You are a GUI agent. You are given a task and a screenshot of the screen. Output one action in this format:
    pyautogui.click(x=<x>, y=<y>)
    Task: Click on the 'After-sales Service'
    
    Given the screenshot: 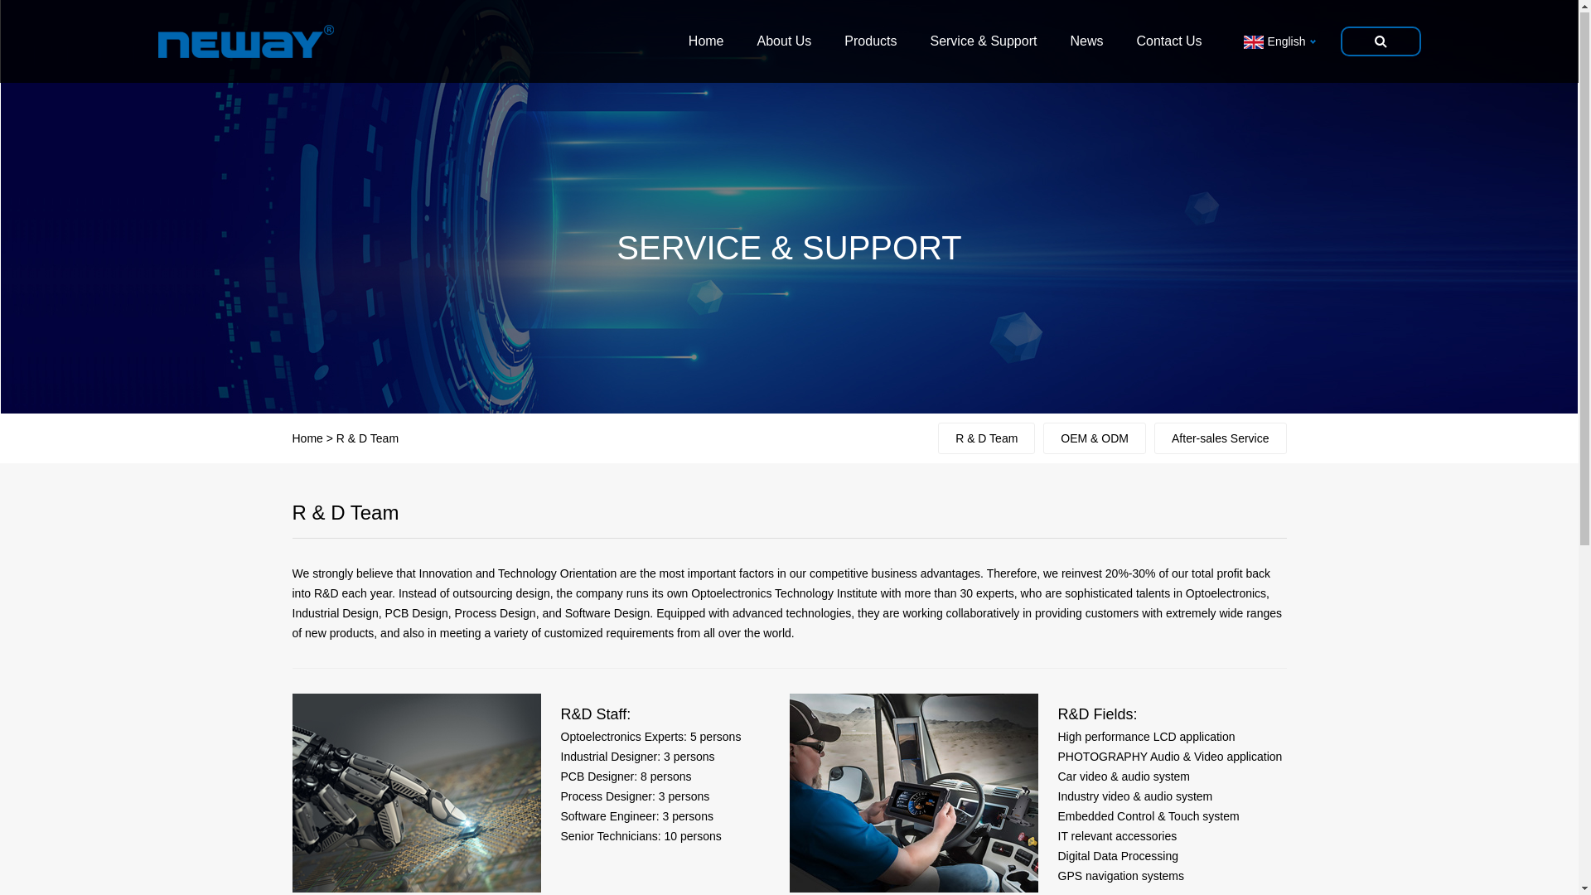 What is the action you would take?
    pyautogui.click(x=1220, y=438)
    